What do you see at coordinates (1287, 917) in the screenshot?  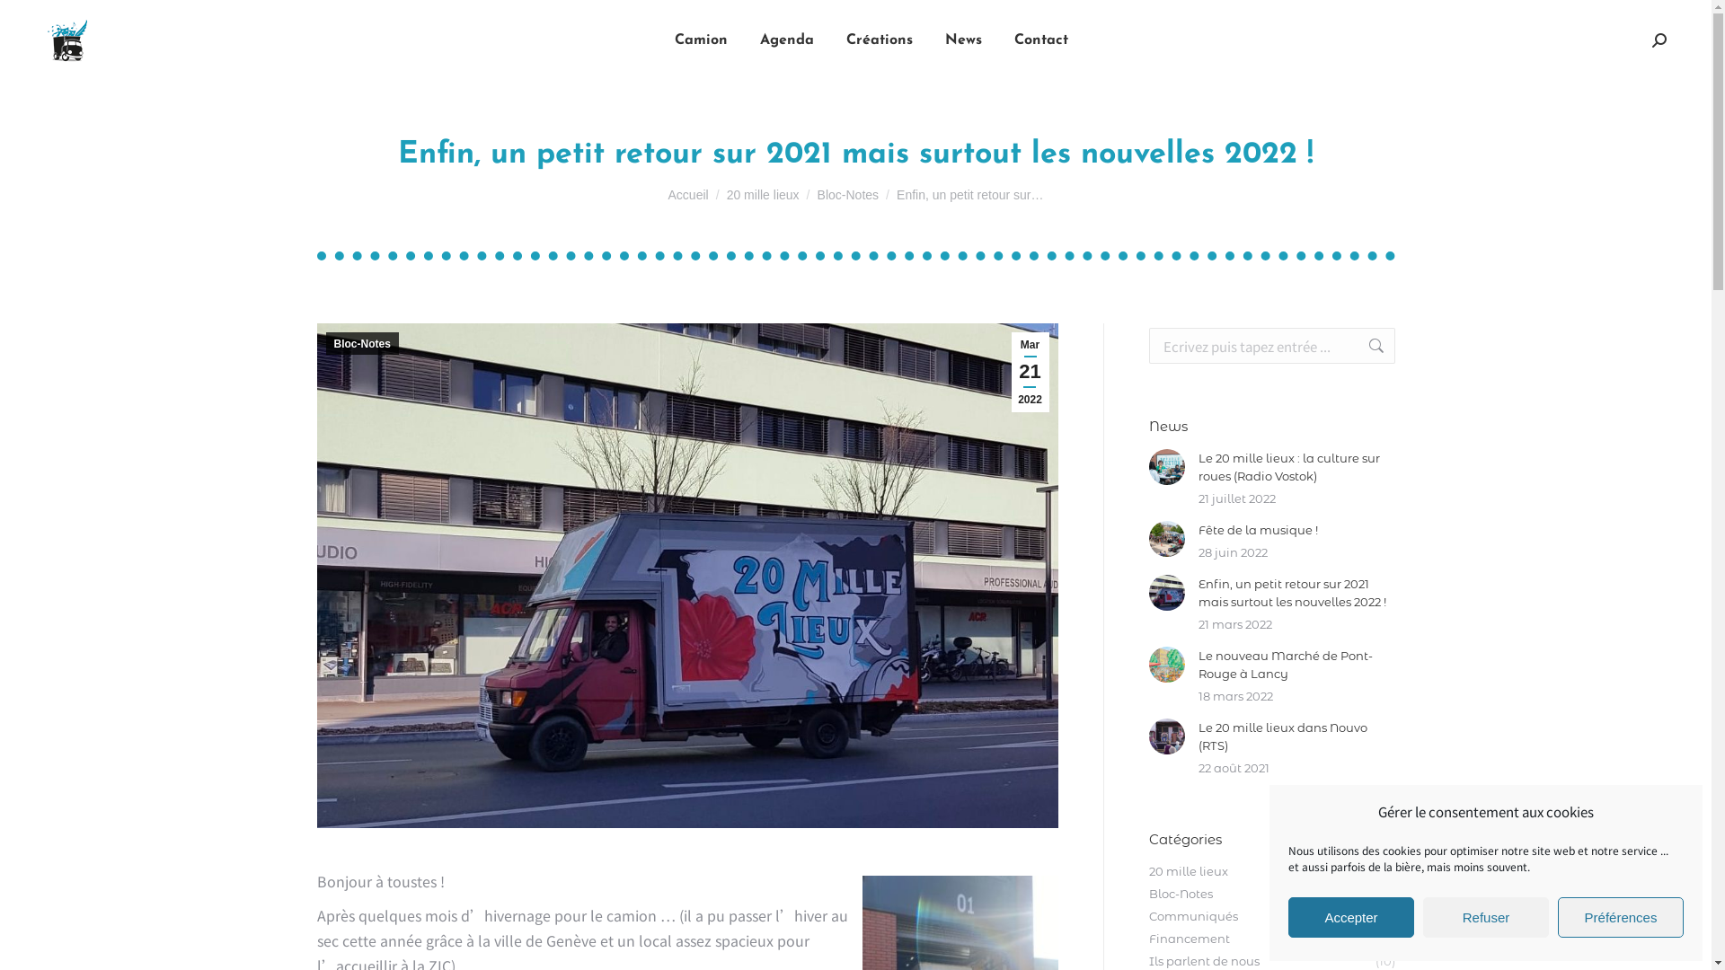 I see `'Accepter'` at bounding box center [1287, 917].